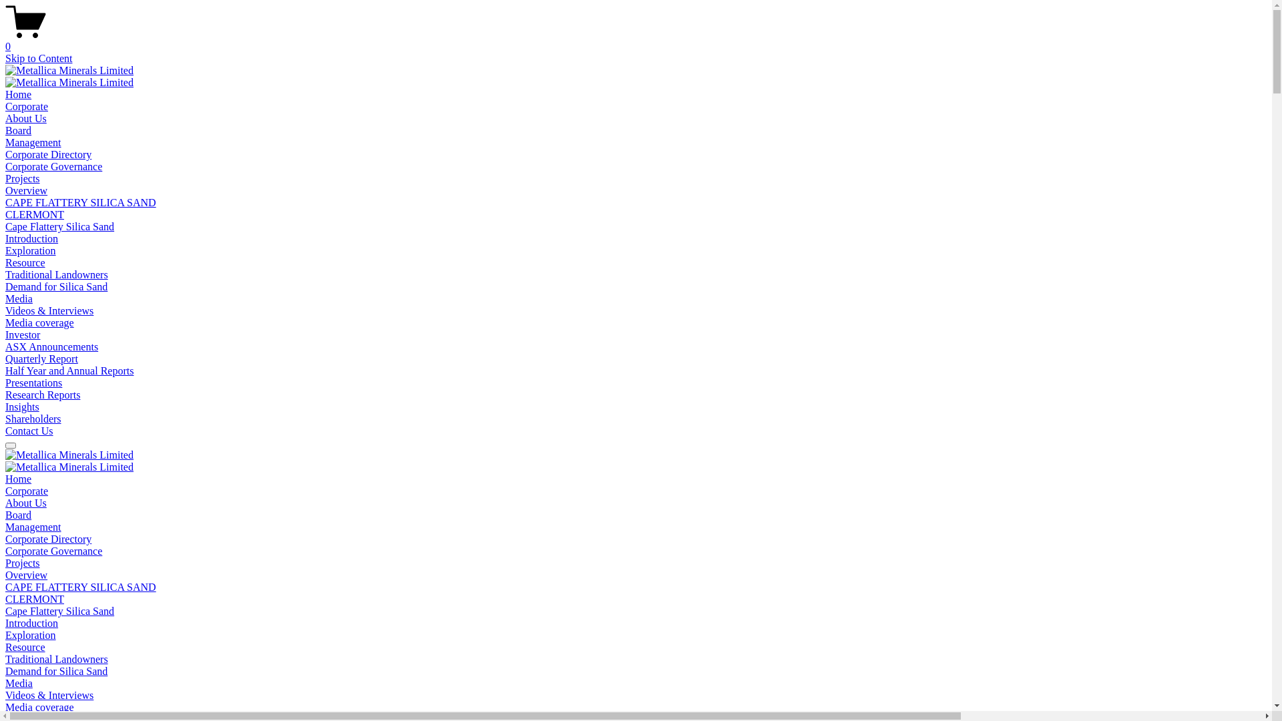  Describe the element at coordinates (48, 154) in the screenshot. I see `'Corporate Directory'` at that location.